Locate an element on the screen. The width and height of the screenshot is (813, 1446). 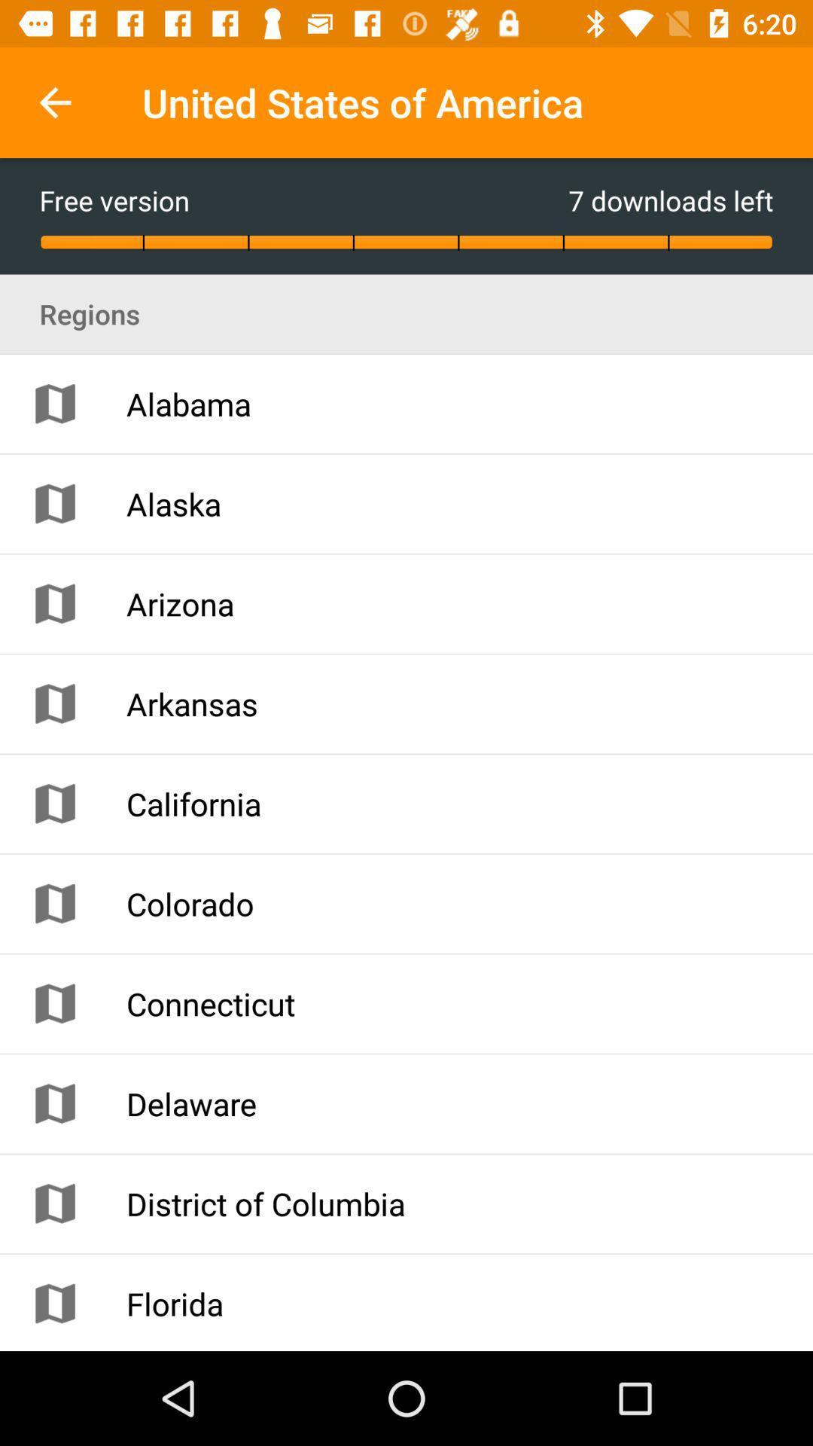
the icon above free version icon is located at coordinates (54, 102).